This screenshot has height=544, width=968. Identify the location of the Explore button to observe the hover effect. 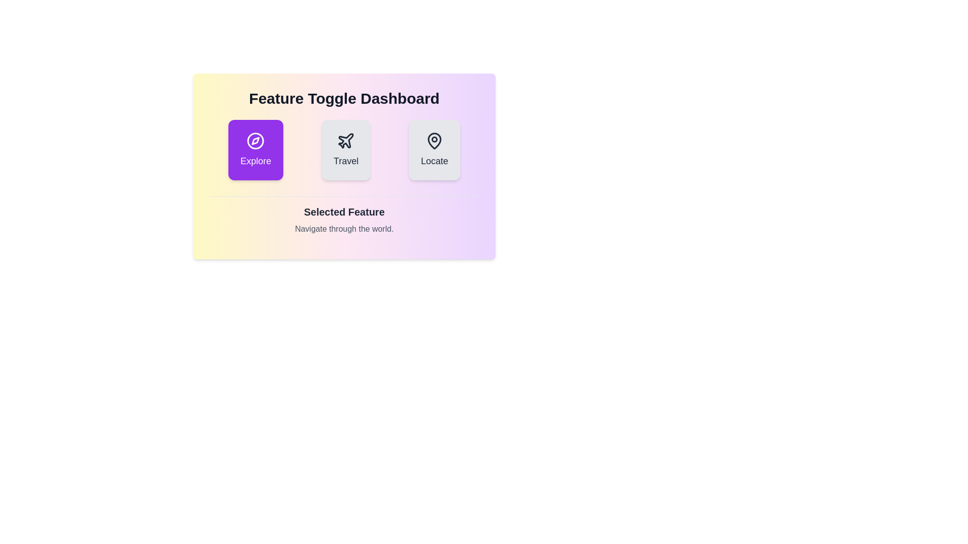
(256, 150).